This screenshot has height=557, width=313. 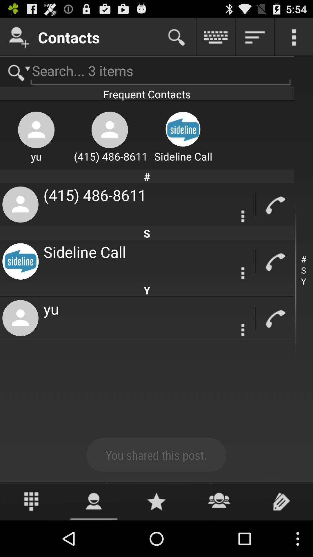 What do you see at coordinates (243, 216) in the screenshot?
I see `setting` at bounding box center [243, 216].